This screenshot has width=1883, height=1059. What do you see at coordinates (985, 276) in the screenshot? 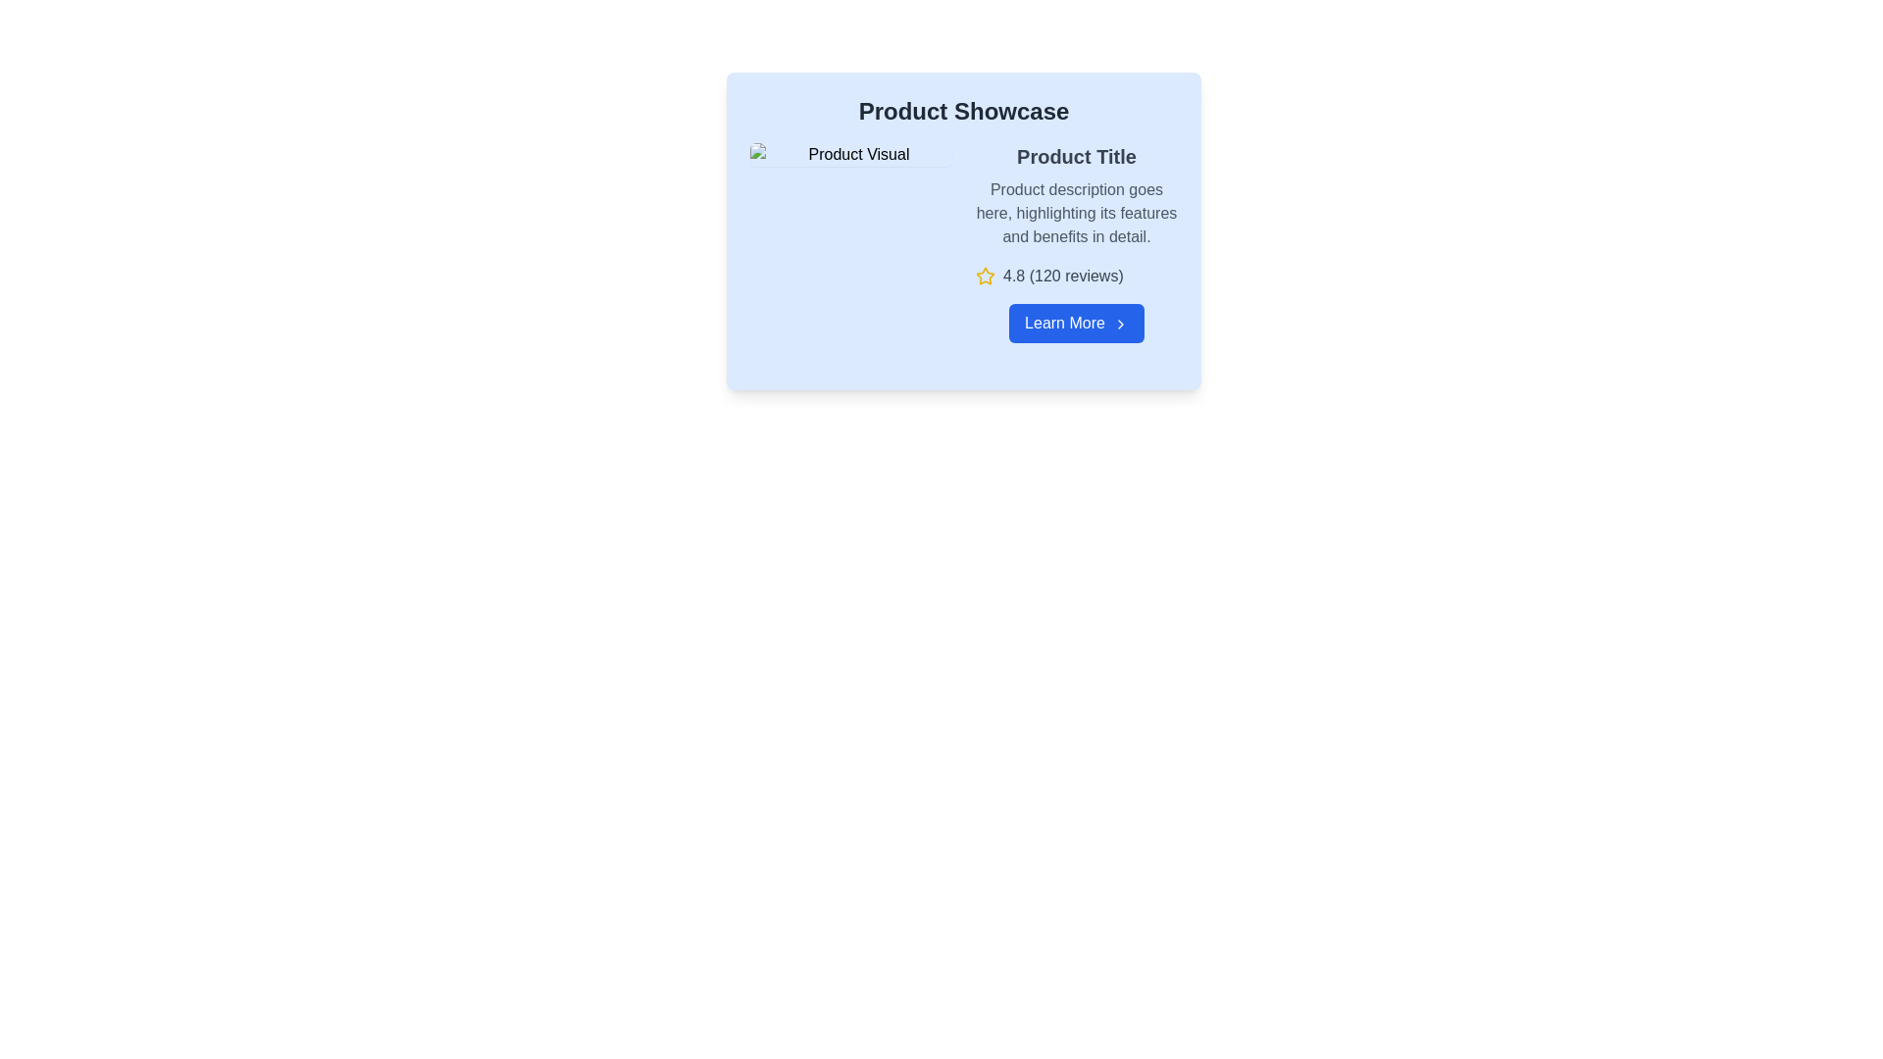
I see `the five-point star icon, which is yellow with a thin outline and rounded edges, located to the left of the text '4.8 (120 reviews)'` at bounding box center [985, 276].